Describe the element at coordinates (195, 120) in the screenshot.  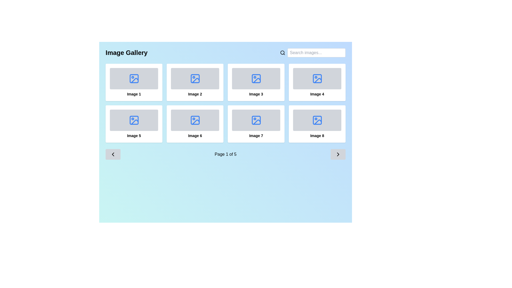
I see `the icon representing an image in the gallery, located in the sixth tile of the grid layout, second row and third column` at that location.